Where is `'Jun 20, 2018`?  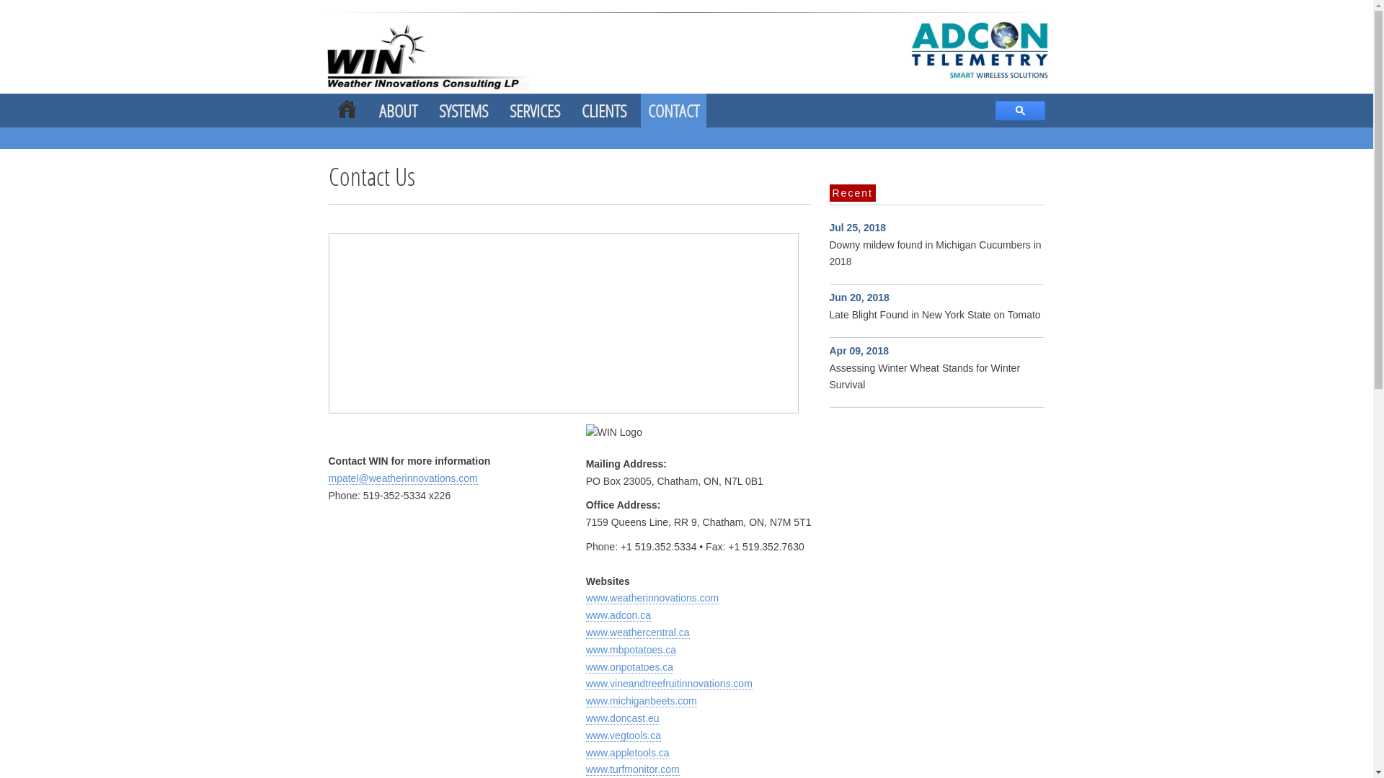 'Jun 20, 2018 is located at coordinates (934, 305).